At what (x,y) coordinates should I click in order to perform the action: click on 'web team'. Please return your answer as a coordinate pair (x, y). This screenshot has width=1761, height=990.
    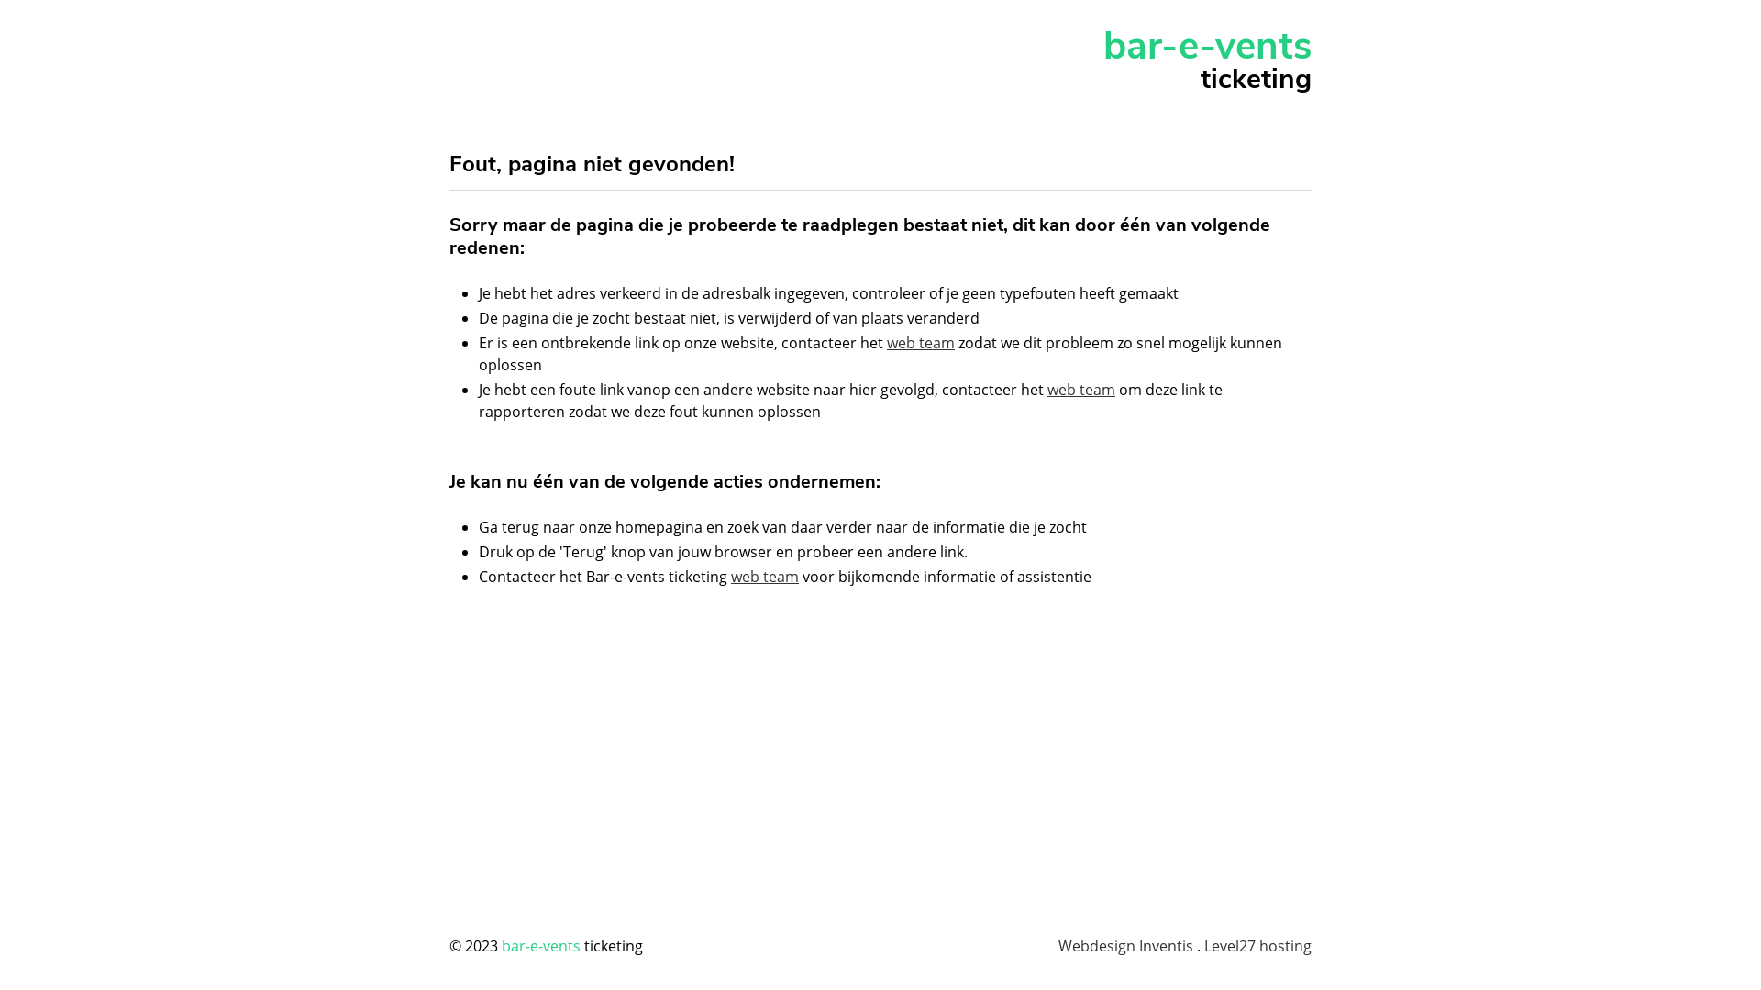
    Looking at the image, I should click on (1047, 388).